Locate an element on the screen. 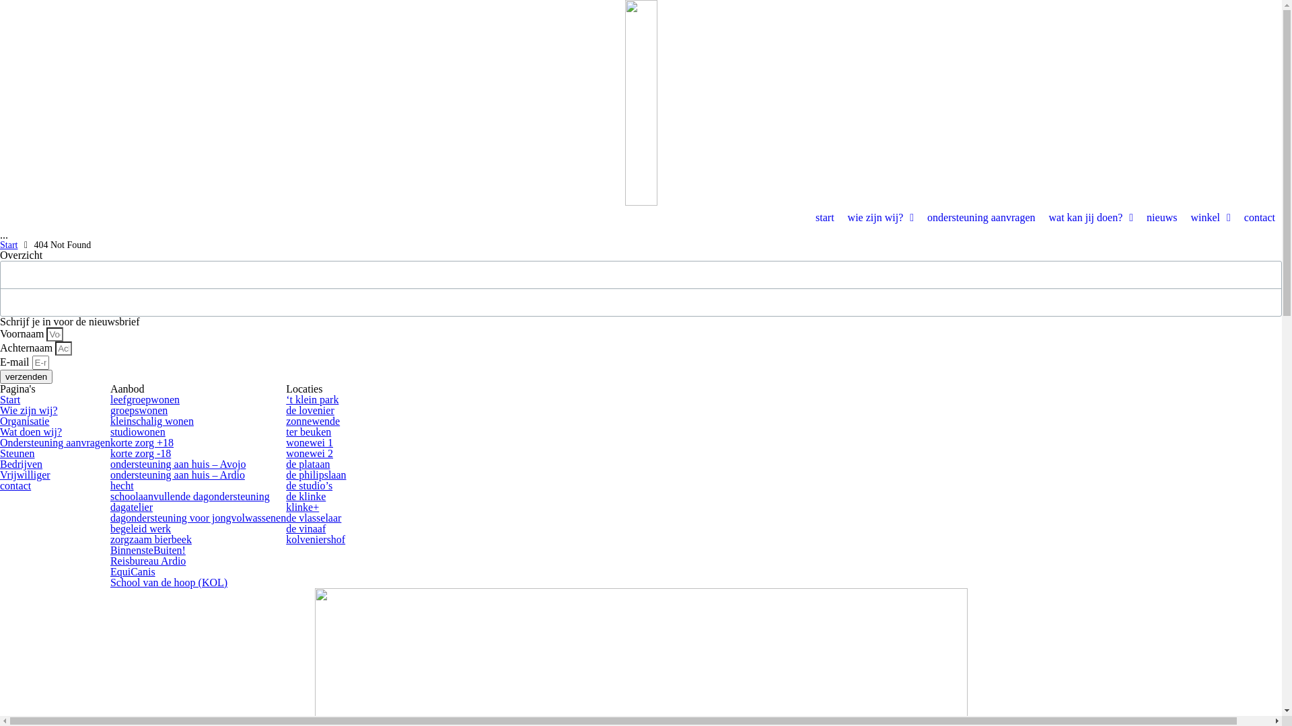  'kleinschalig wonen' is located at coordinates (151, 420).